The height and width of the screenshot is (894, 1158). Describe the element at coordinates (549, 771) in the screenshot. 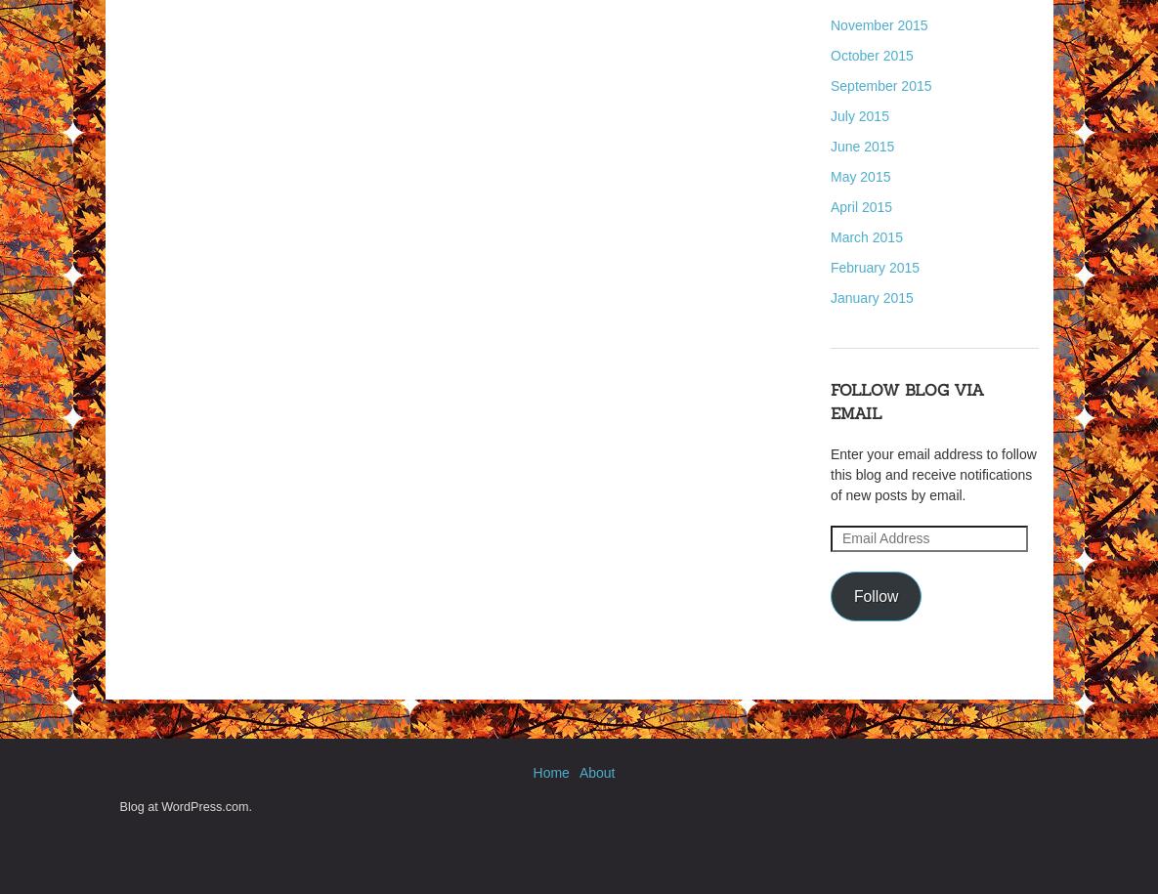

I see `'Home'` at that location.